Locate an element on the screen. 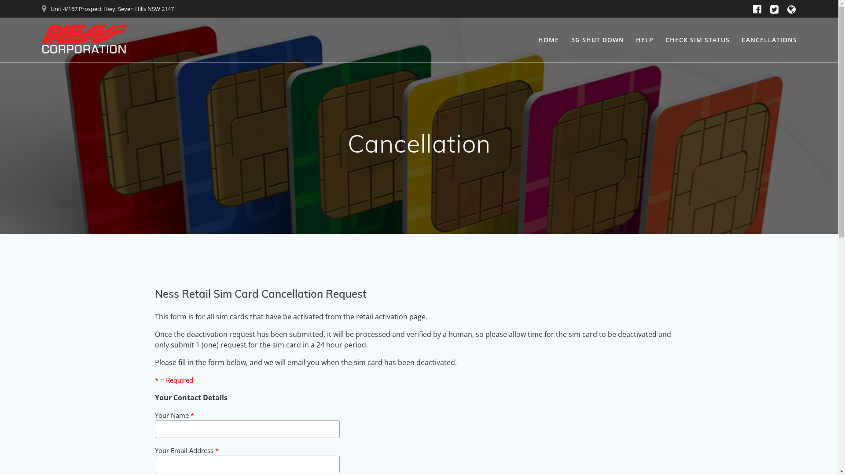 This screenshot has height=475, width=845. 'HOME' is located at coordinates (548, 40).